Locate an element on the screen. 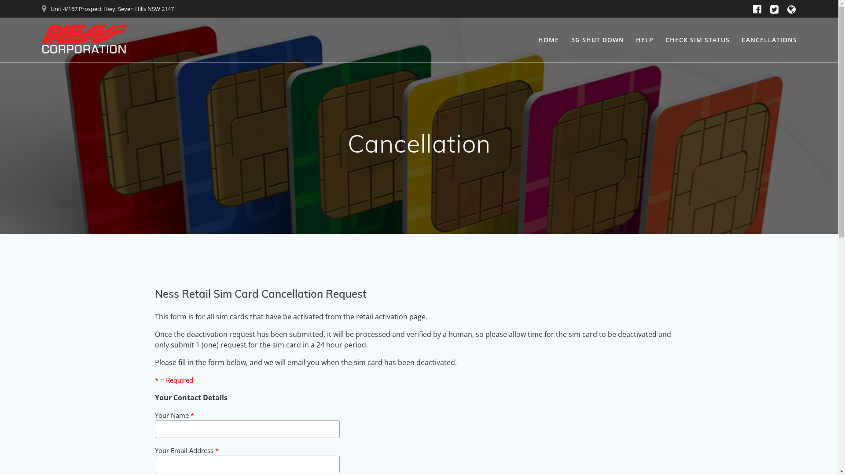 This screenshot has height=475, width=845. 'HOME' is located at coordinates (548, 40).